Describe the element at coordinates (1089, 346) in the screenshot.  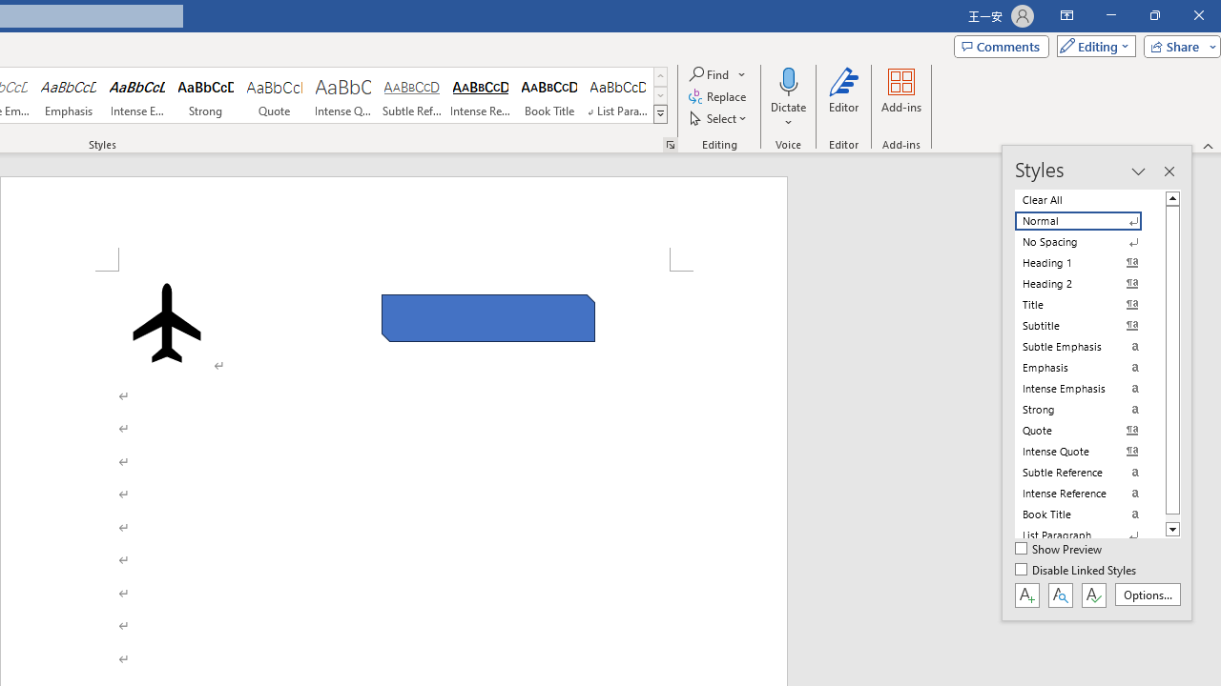
I see `'Subtle Emphasis'` at that location.